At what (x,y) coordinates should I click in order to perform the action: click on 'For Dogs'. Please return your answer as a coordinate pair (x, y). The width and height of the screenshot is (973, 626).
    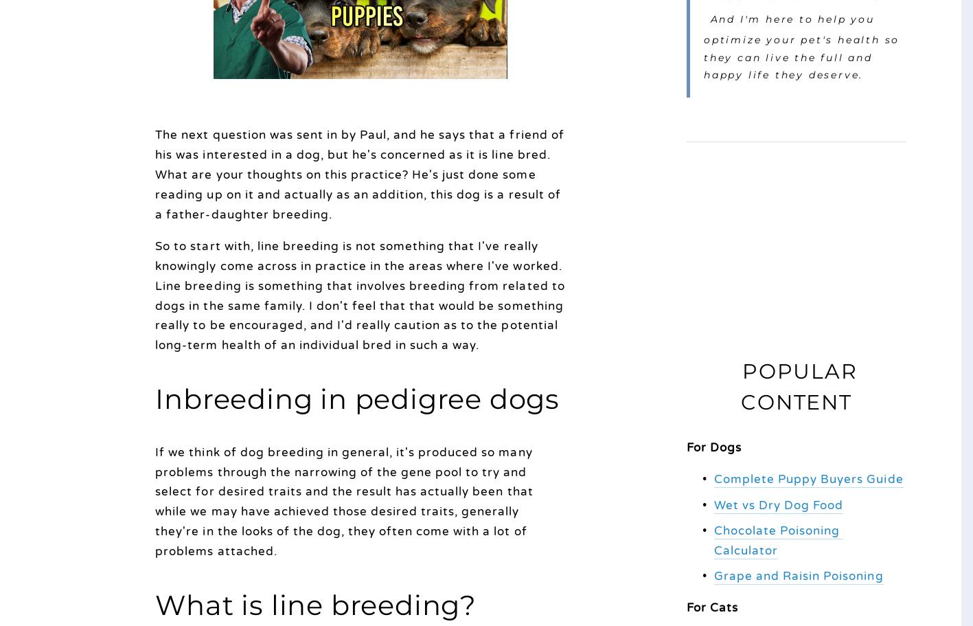
    Looking at the image, I should click on (685, 447).